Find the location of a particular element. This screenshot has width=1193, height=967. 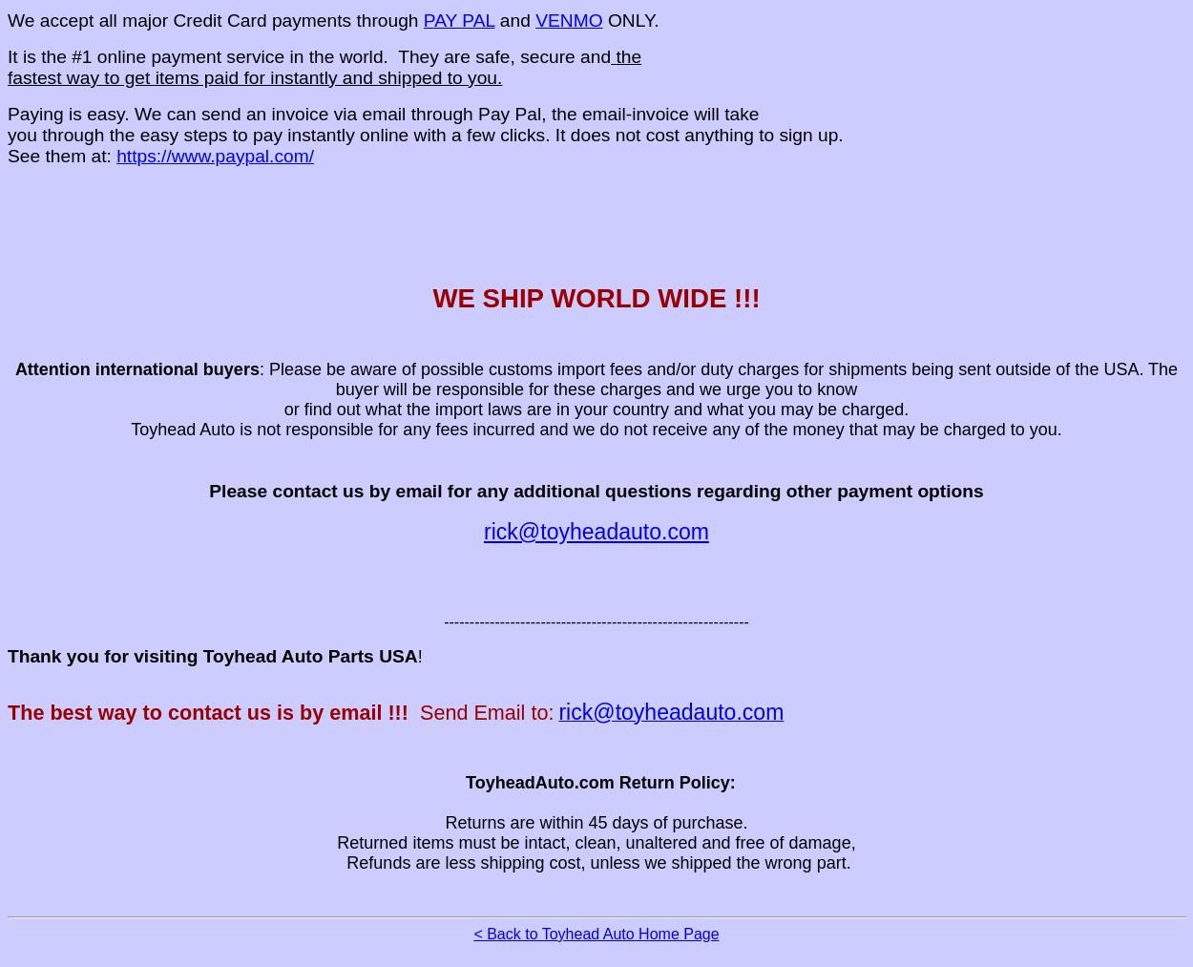

'https://www.paypal.com/' is located at coordinates (214, 155).